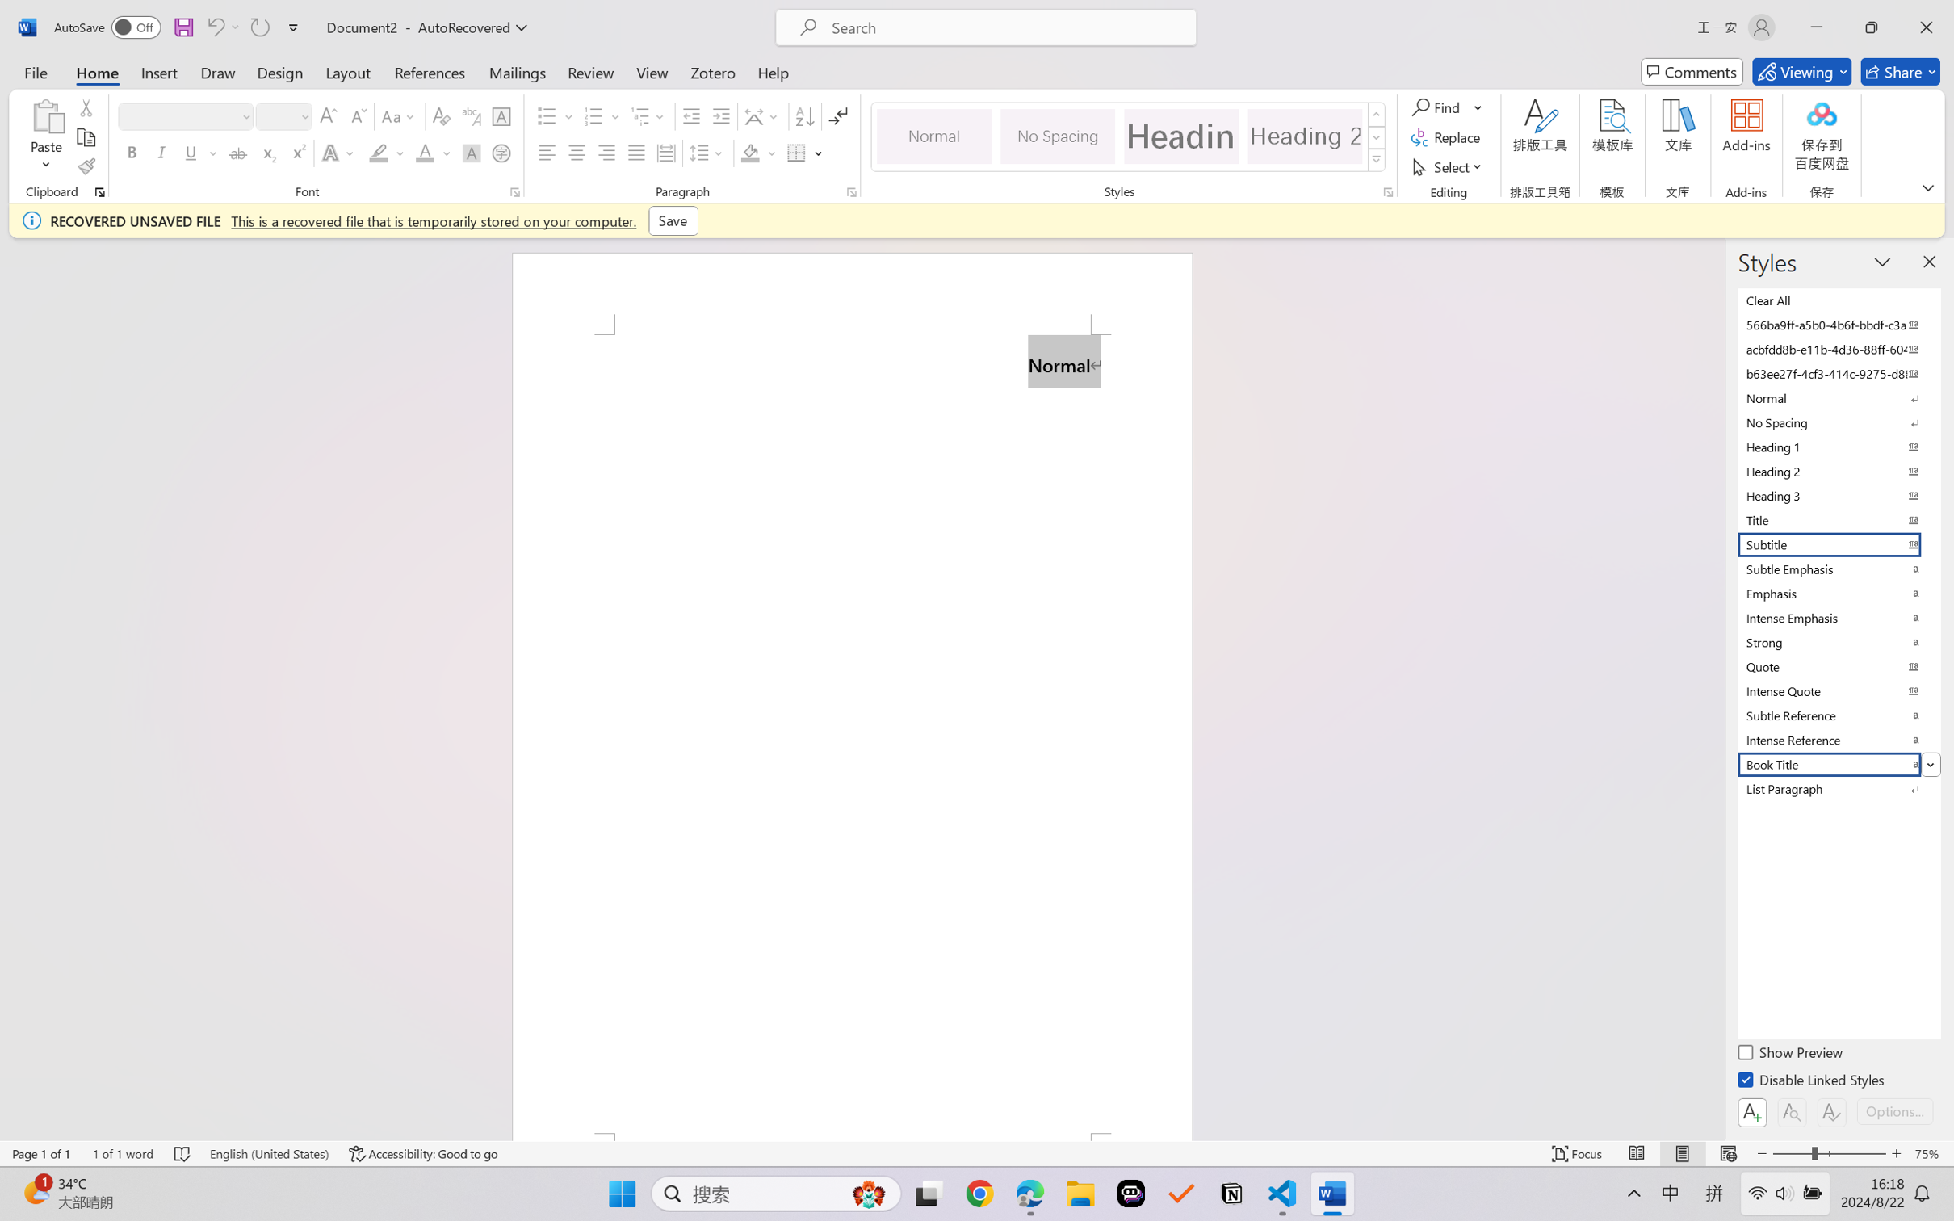  I want to click on 'Subtitle', so click(1837, 543).